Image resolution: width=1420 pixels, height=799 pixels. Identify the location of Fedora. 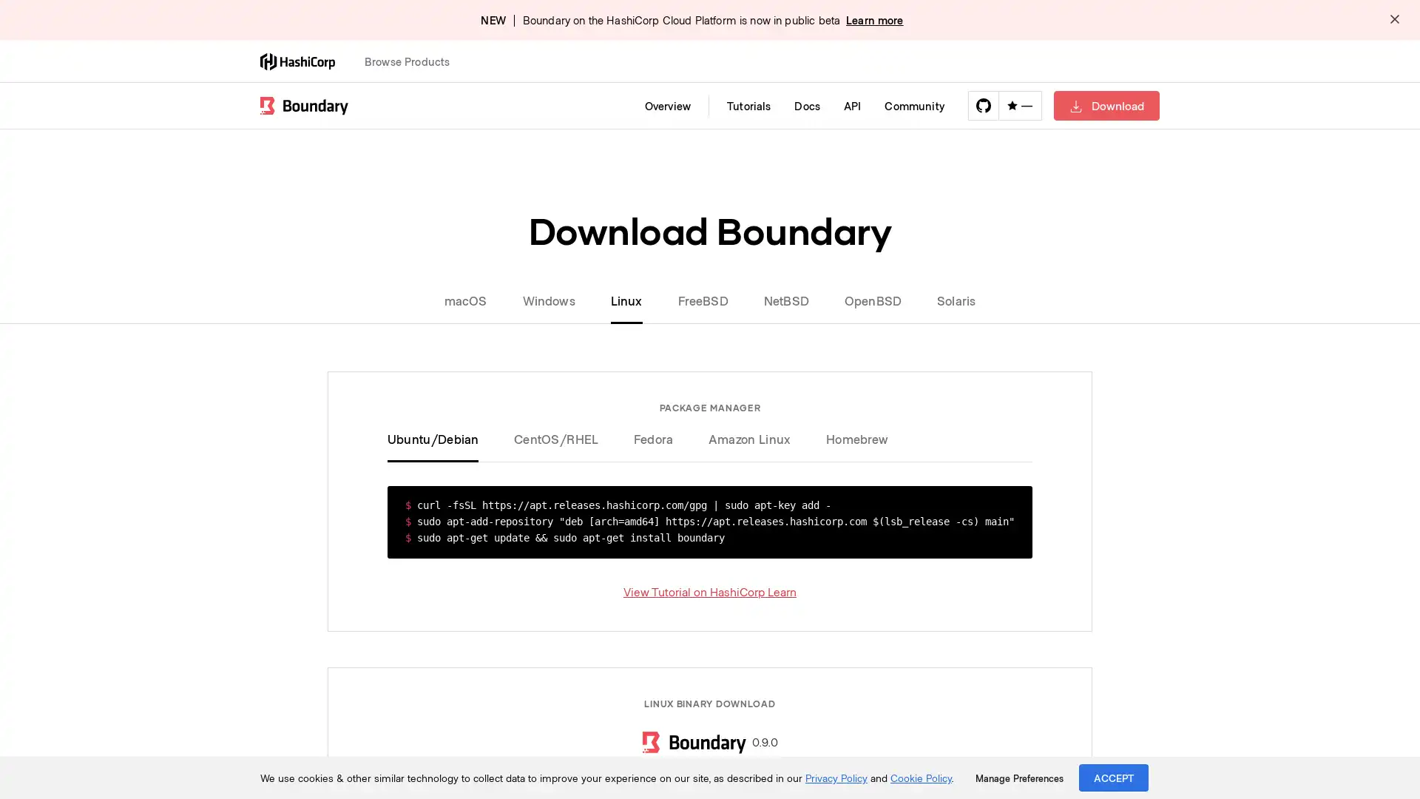
(652, 438).